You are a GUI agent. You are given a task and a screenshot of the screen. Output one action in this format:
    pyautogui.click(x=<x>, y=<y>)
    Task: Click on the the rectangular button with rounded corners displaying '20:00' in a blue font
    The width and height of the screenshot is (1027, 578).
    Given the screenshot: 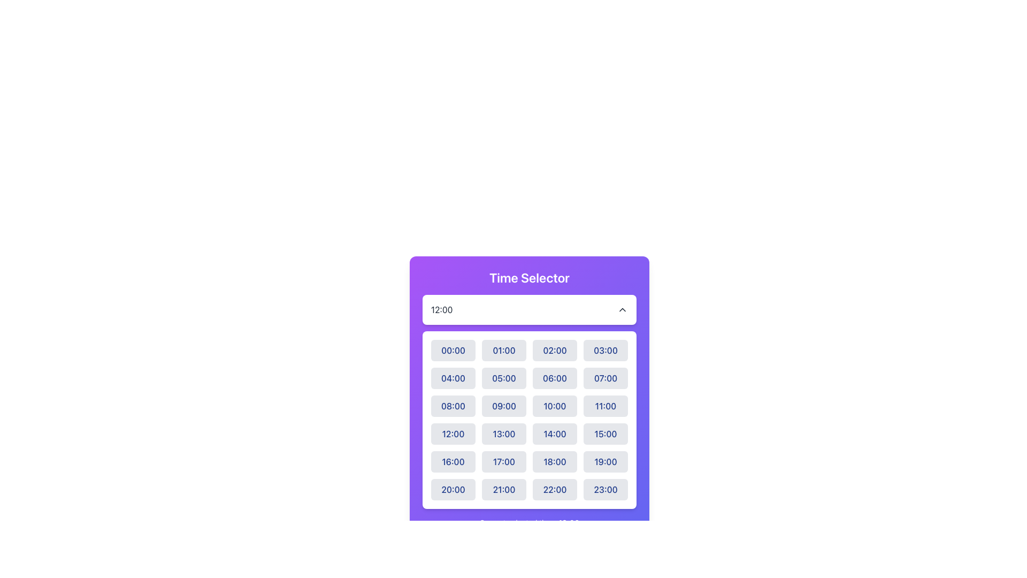 What is the action you would take?
    pyautogui.click(x=453, y=489)
    